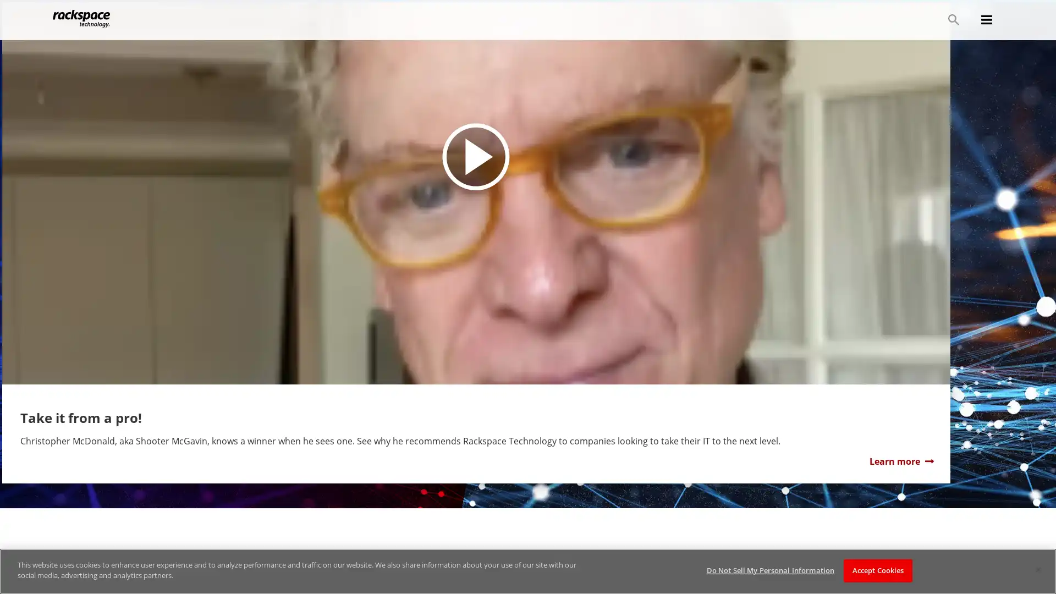 The image size is (1056, 594). Describe the element at coordinates (769, 570) in the screenshot. I see `Do Not Sell My Personal Information` at that location.